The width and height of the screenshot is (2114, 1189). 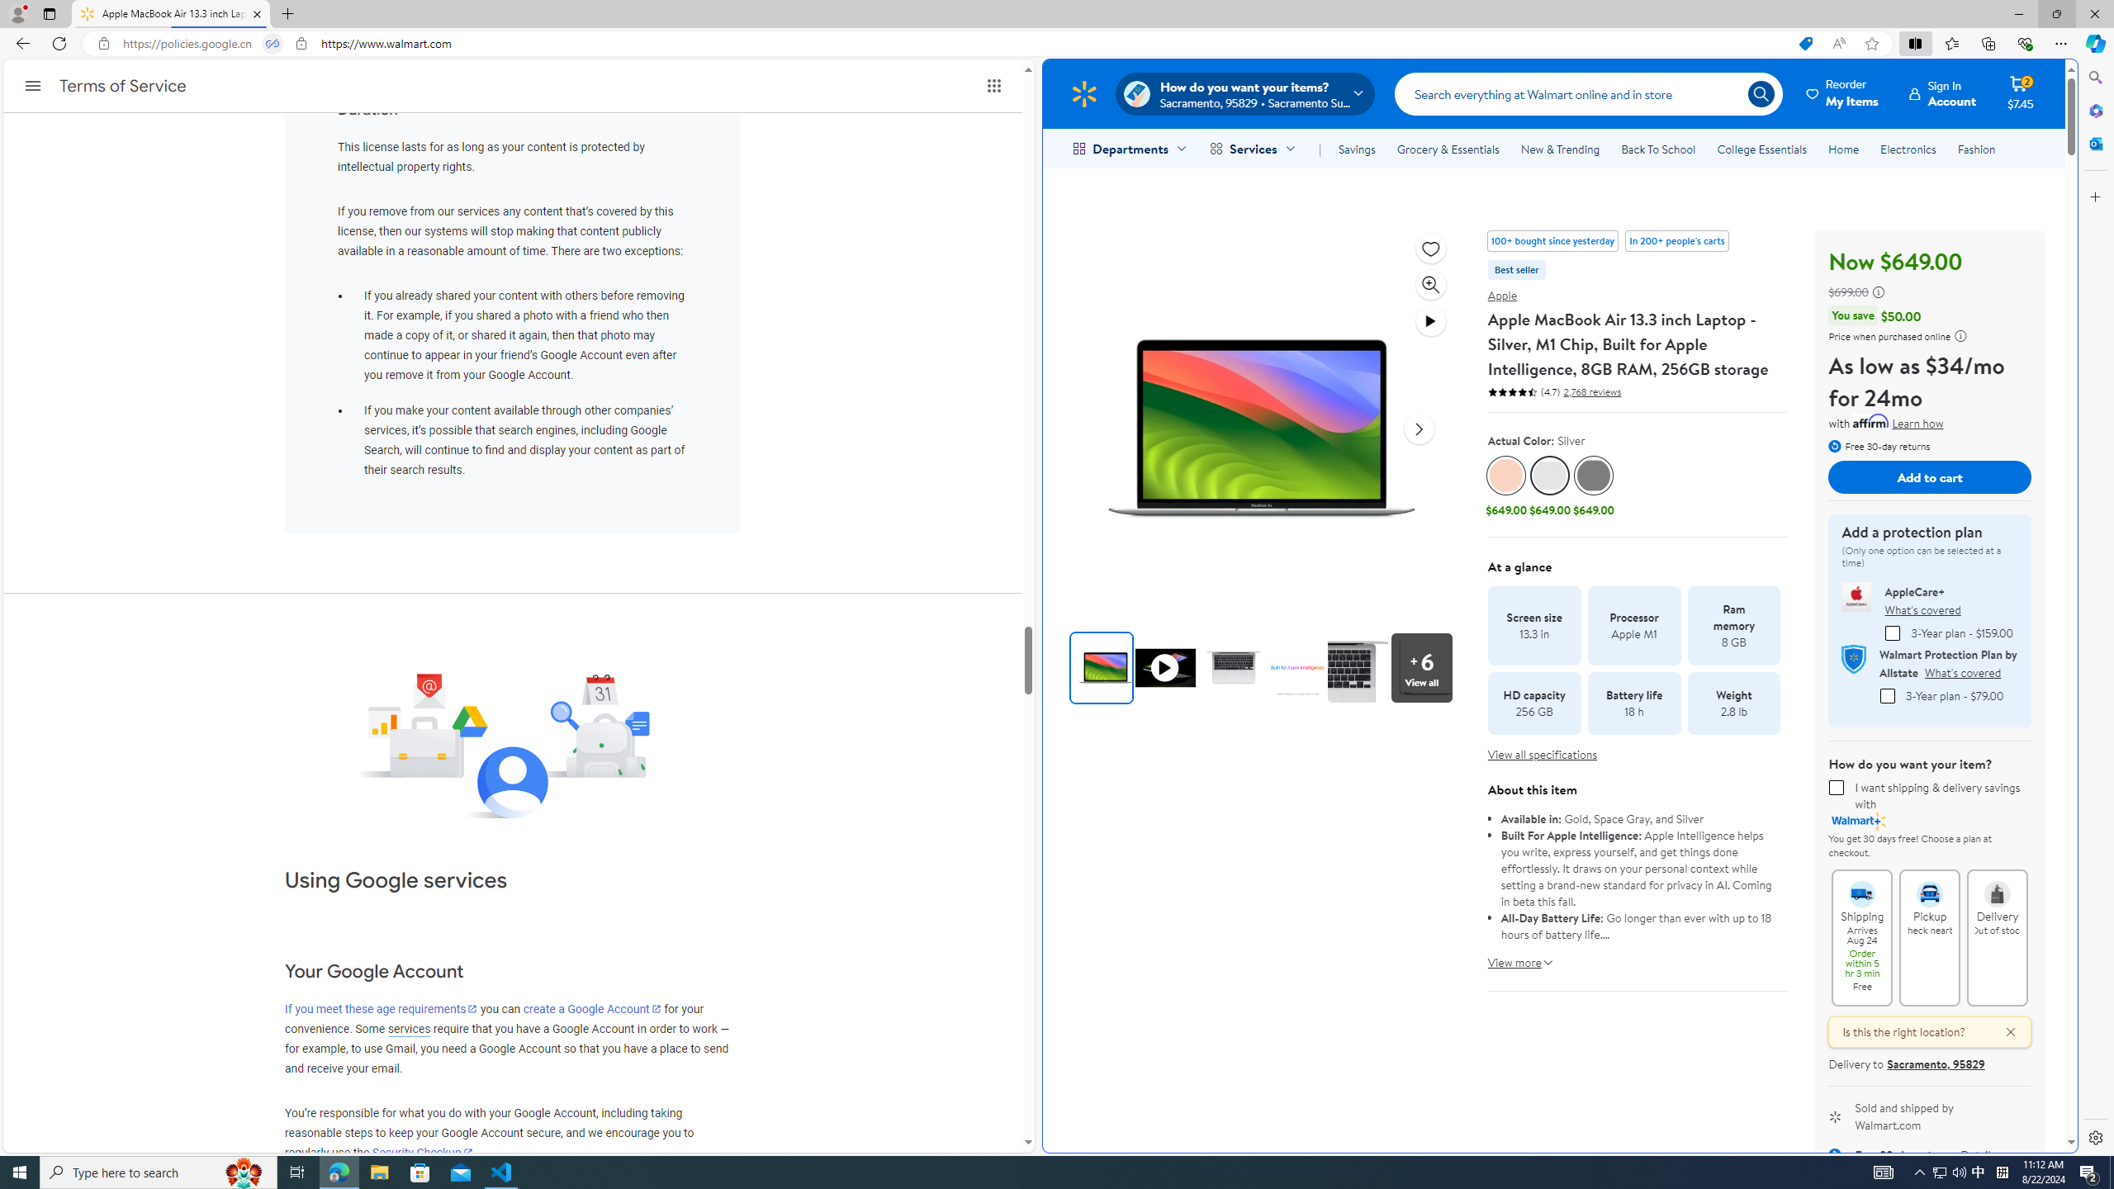 I want to click on 'What', so click(x=1962, y=673).